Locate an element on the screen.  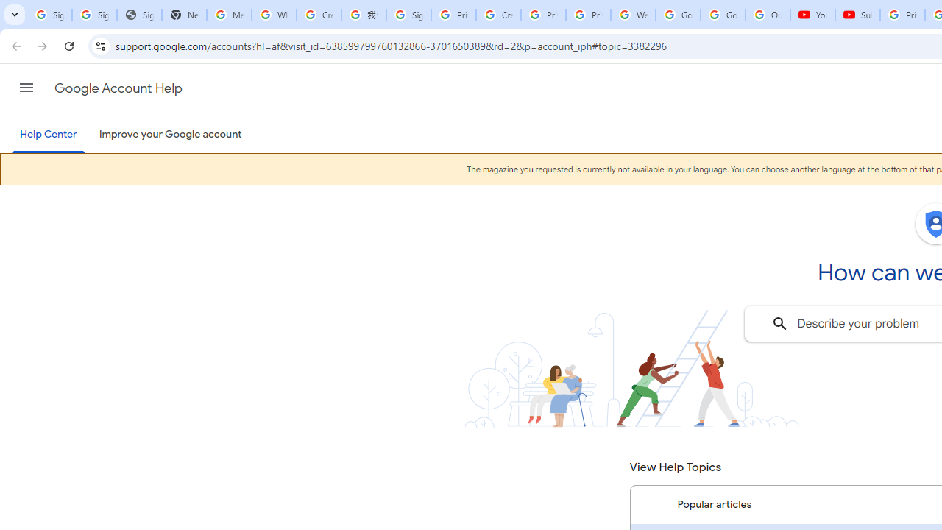
'Improve your Google account' is located at coordinates (170, 135).